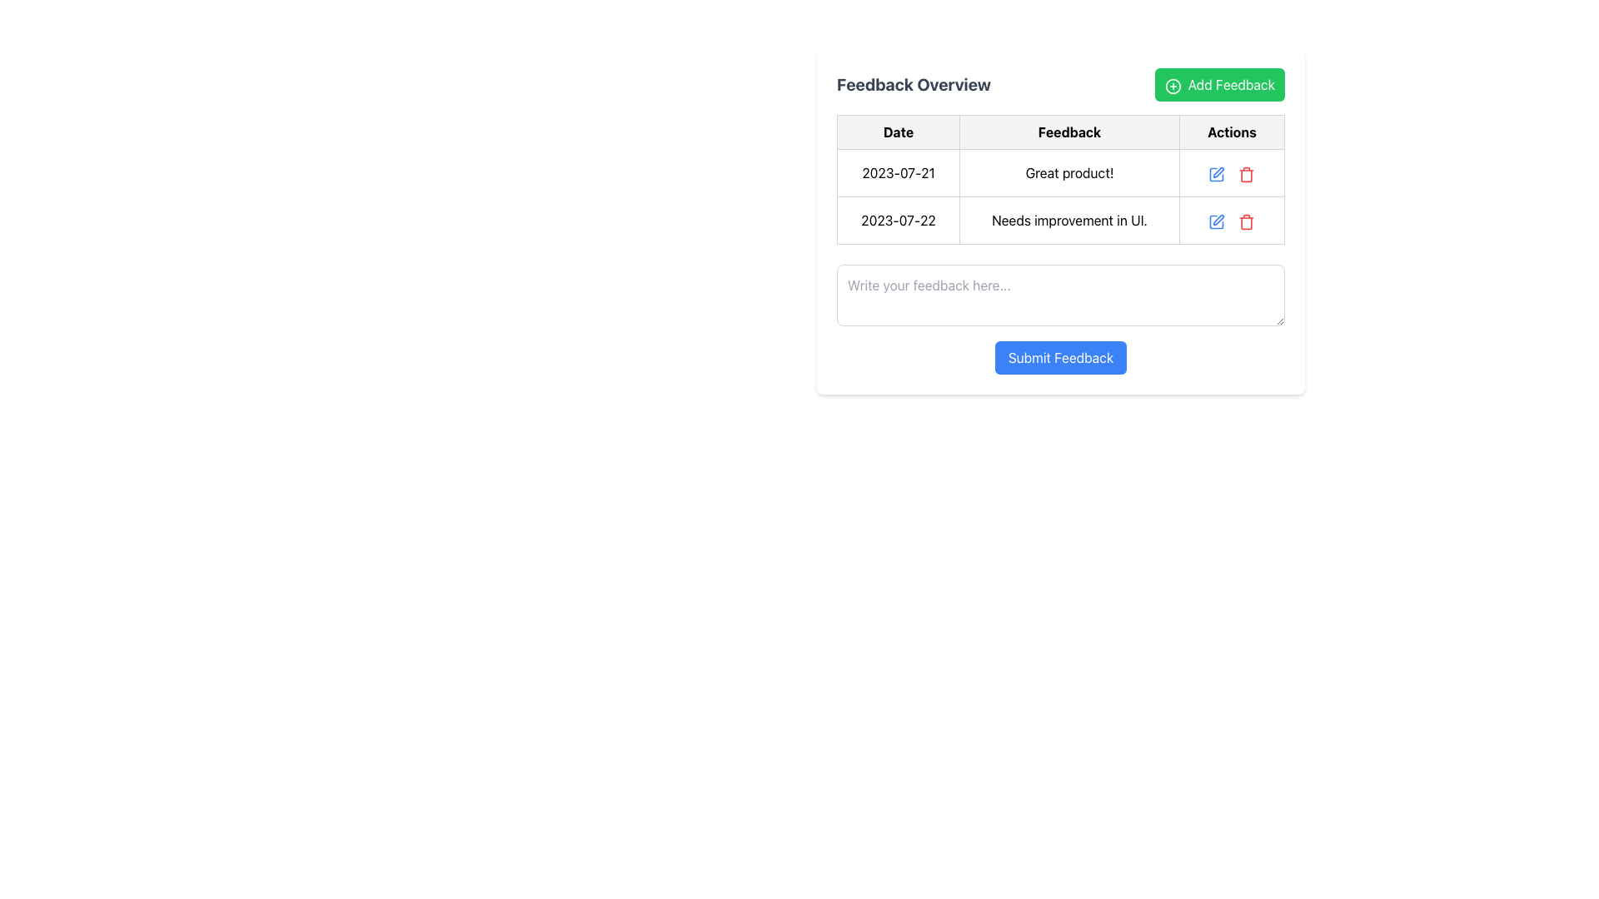 Image resolution: width=1599 pixels, height=899 pixels. Describe the element at coordinates (1172, 86) in the screenshot. I see `the SVG icon located within the green 'Add Feedback' button at the top-right corner of the application interface to initiate adding feedback` at that location.